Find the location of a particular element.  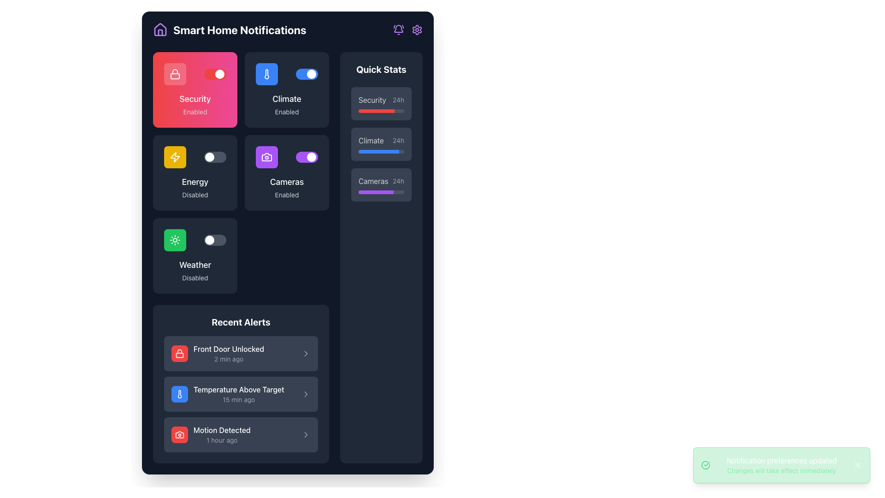

the toggle switch is located at coordinates (214, 74).